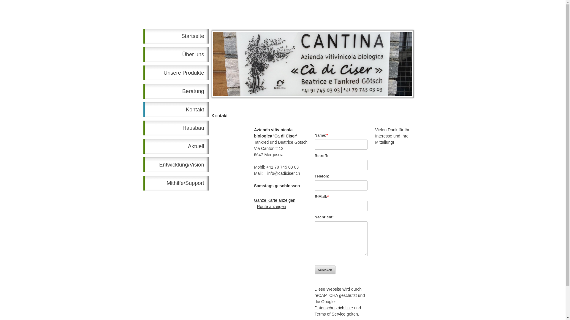  What do you see at coordinates (334, 307) in the screenshot?
I see `'Datenschutzrichtlinie'` at bounding box center [334, 307].